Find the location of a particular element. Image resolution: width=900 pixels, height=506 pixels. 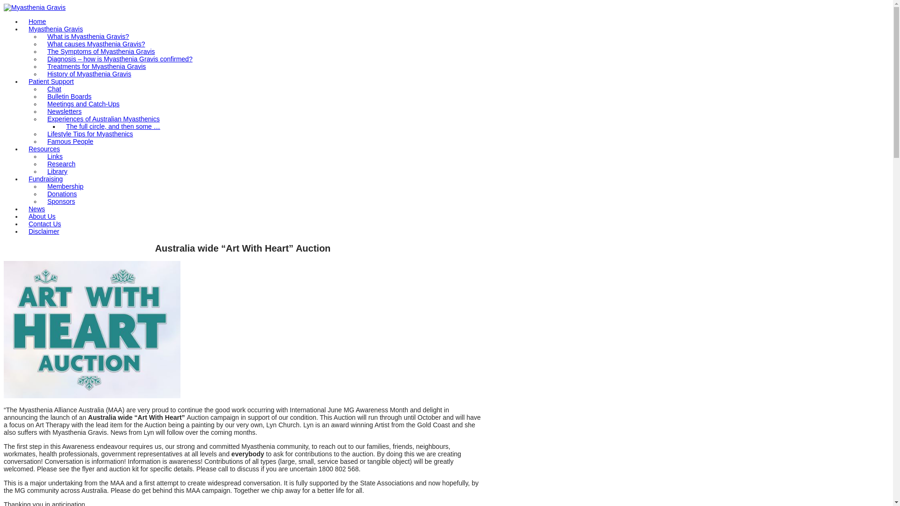

'Sponsors' is located at coordinates (40, 201).